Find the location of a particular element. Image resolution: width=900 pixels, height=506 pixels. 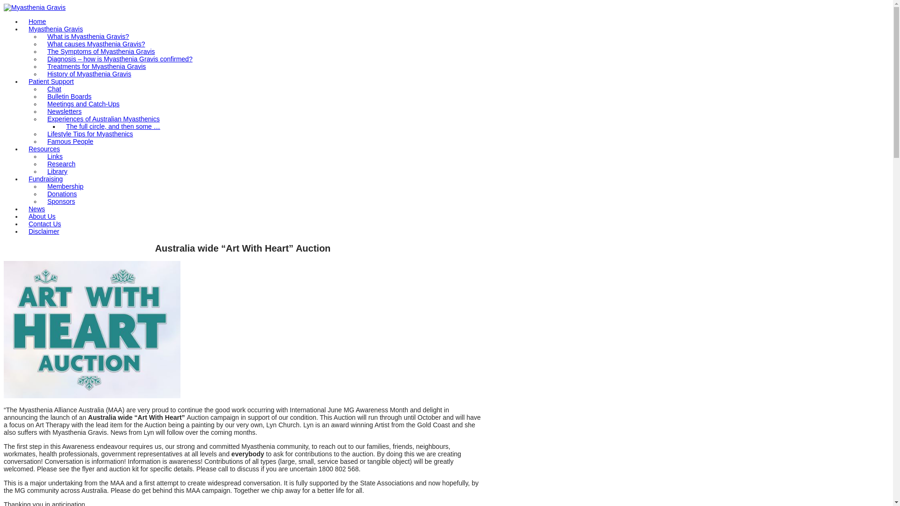

'Sponsors' is located at coordinates (40, 201).